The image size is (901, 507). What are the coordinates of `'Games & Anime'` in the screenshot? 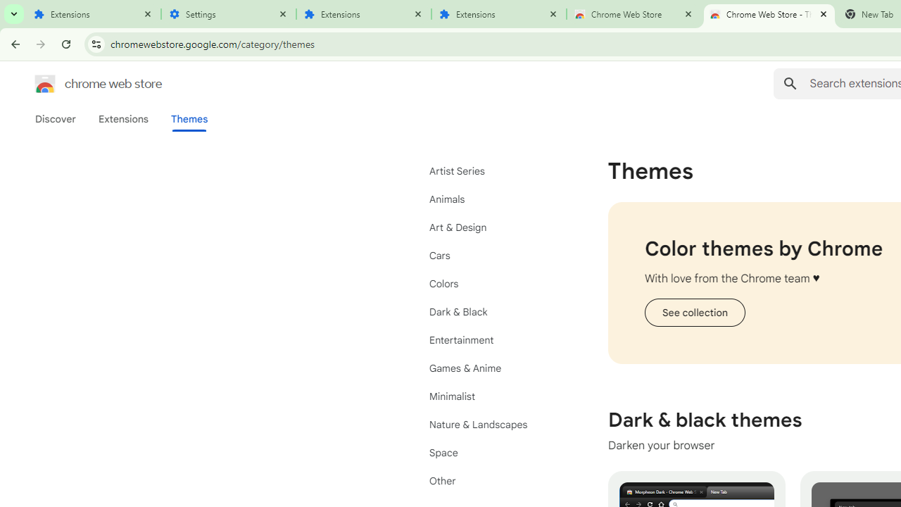 It's located at (493, 368).